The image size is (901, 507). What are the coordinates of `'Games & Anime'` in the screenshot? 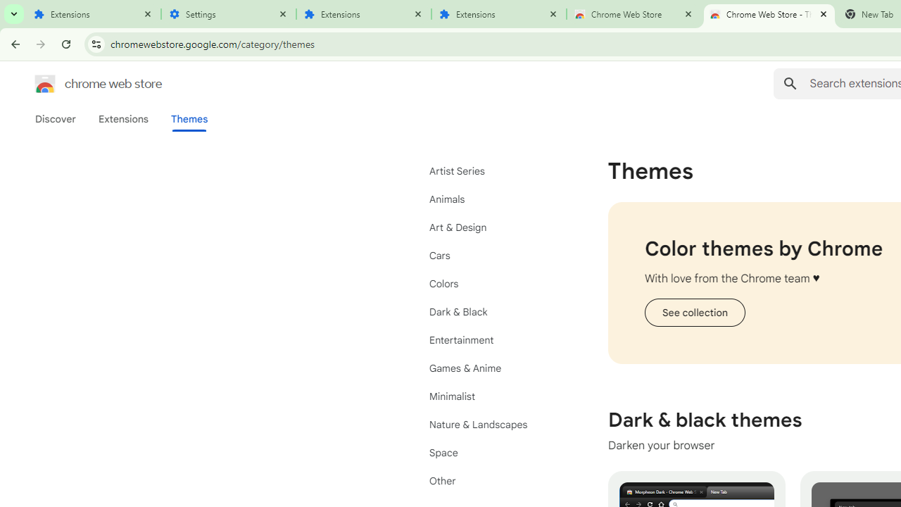 It's located at (493, 368).